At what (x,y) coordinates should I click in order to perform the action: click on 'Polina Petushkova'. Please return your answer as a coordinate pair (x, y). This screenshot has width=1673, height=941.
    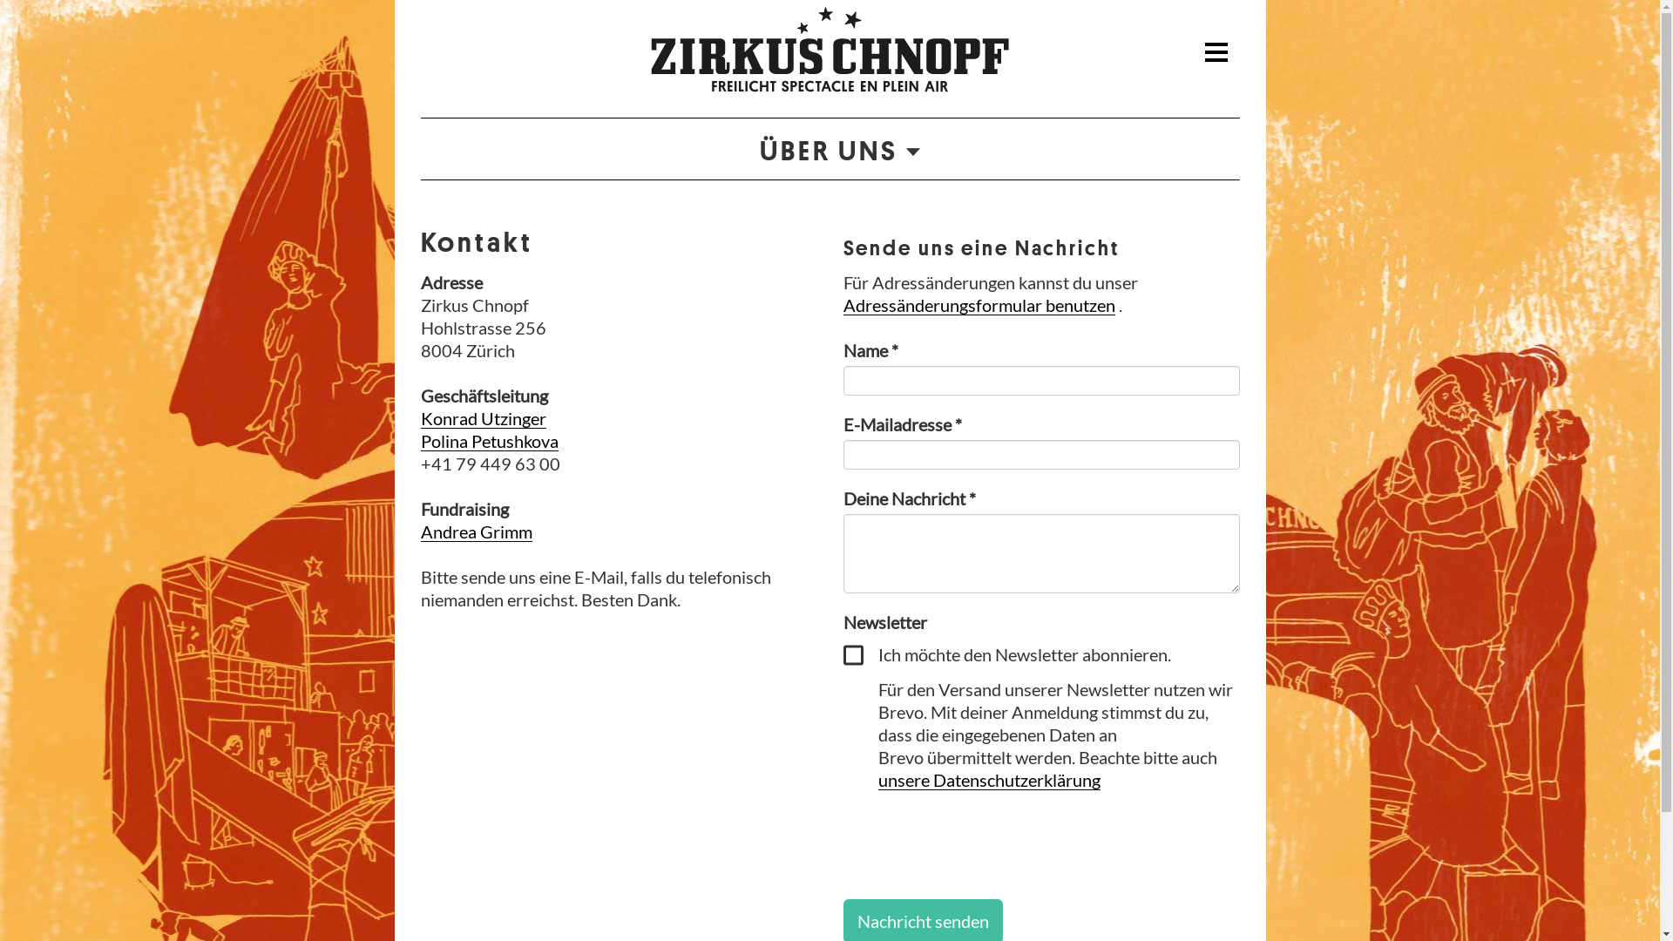
    Looking at the image, I should click on (419, 439).